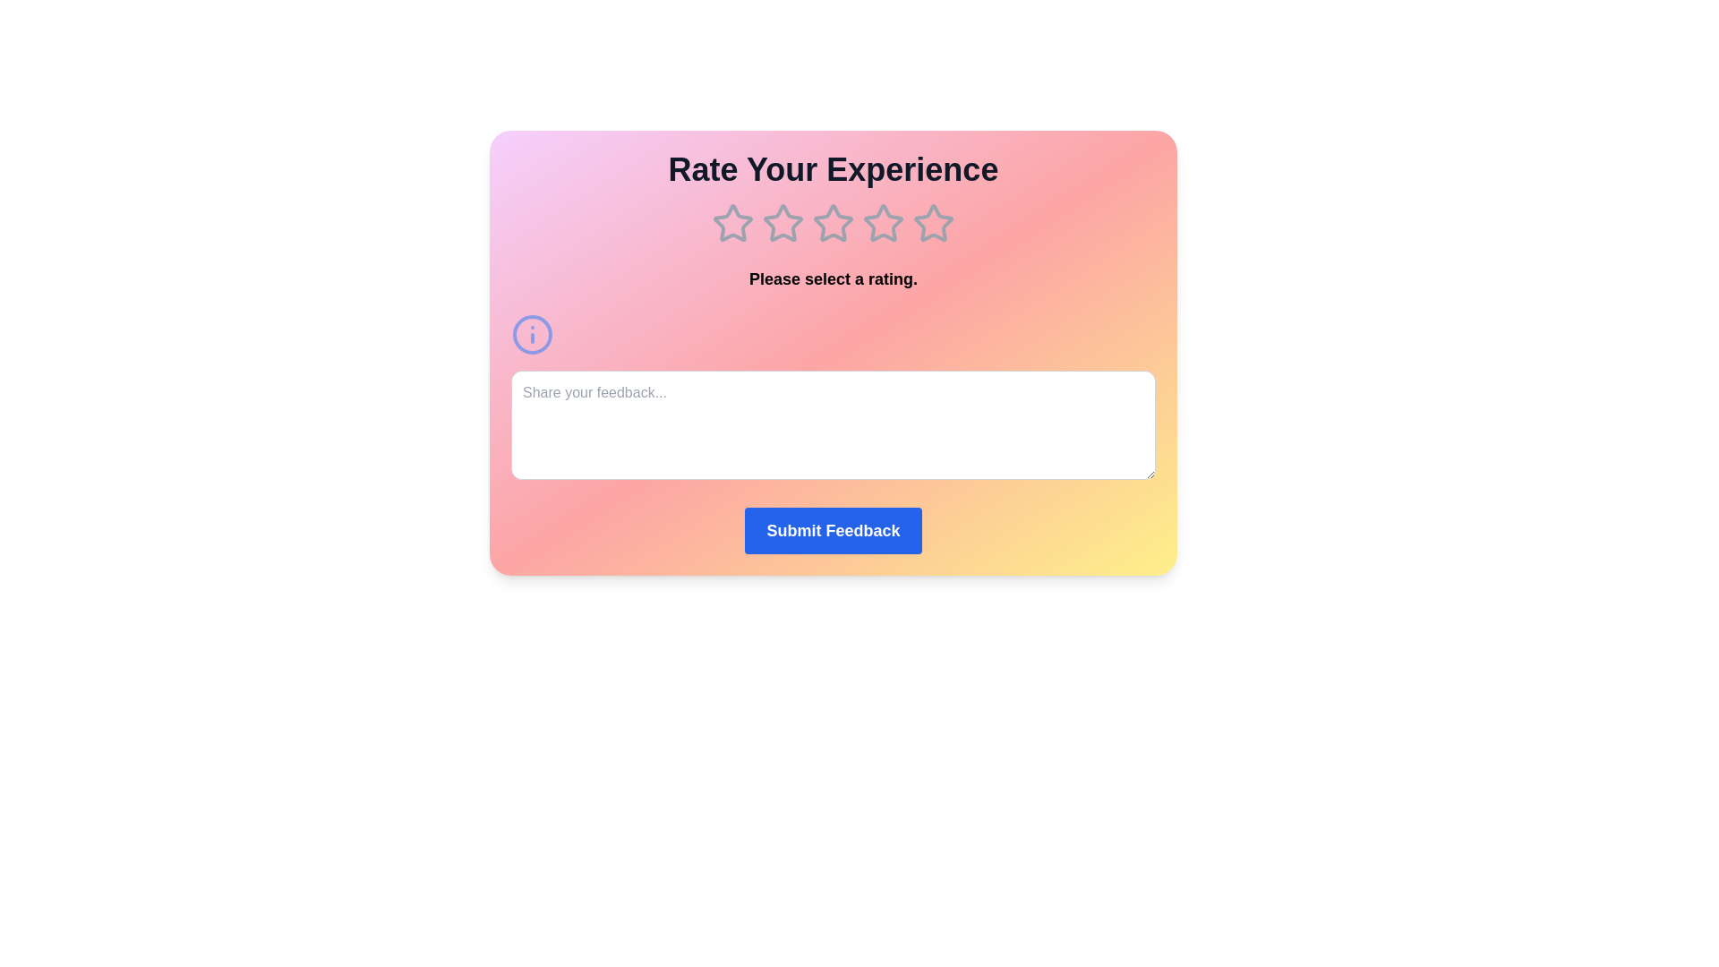 Image resolution: width=1719 pixels, height=967 pixels. Describe the element at coordinates (783, 223) in the screenshot. I see `the 2 star in the rating component` at that location.